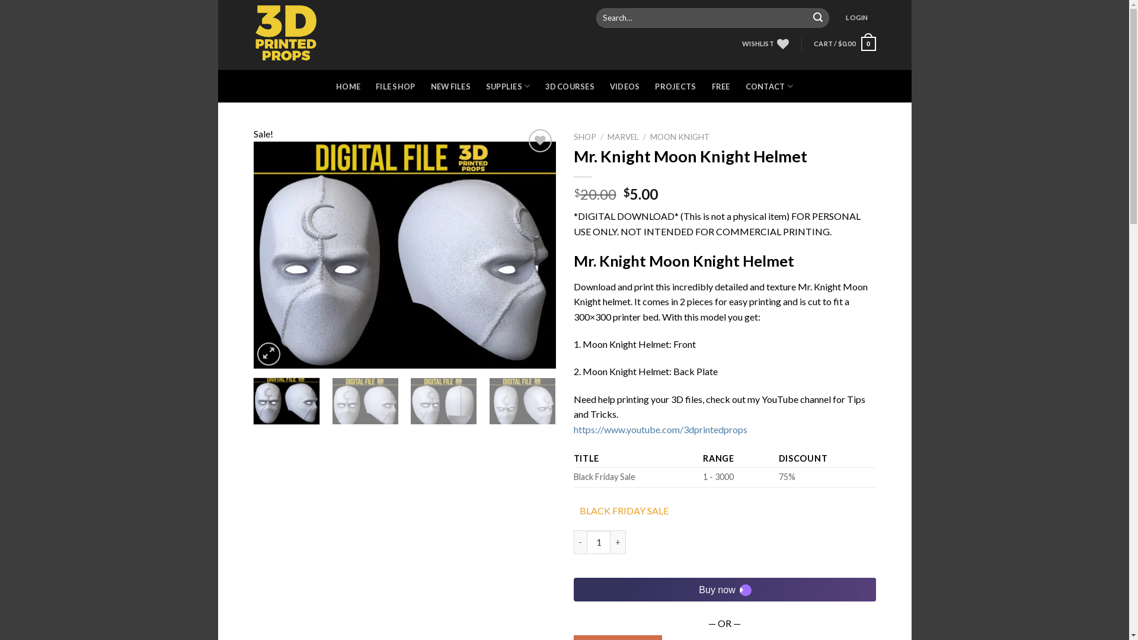 This screenshot has height=640, width=1138. Describe the element at coordinates (844, 43) in the screenshot. I see `'CART / $0.00` at that location.